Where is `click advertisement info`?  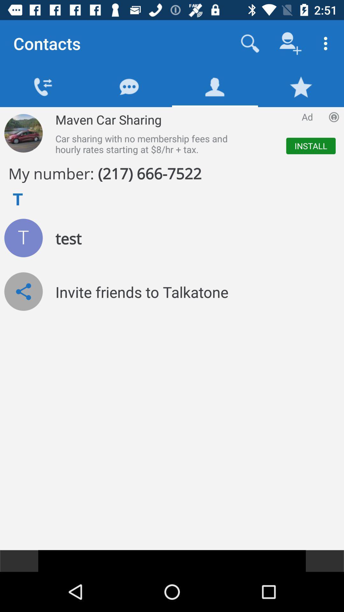 click advertisement info is located at coordinates (333, 117).